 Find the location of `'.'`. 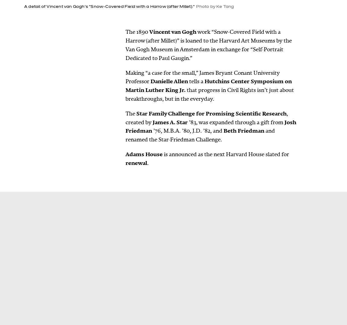

'.' is located at coordinates (147, 162).